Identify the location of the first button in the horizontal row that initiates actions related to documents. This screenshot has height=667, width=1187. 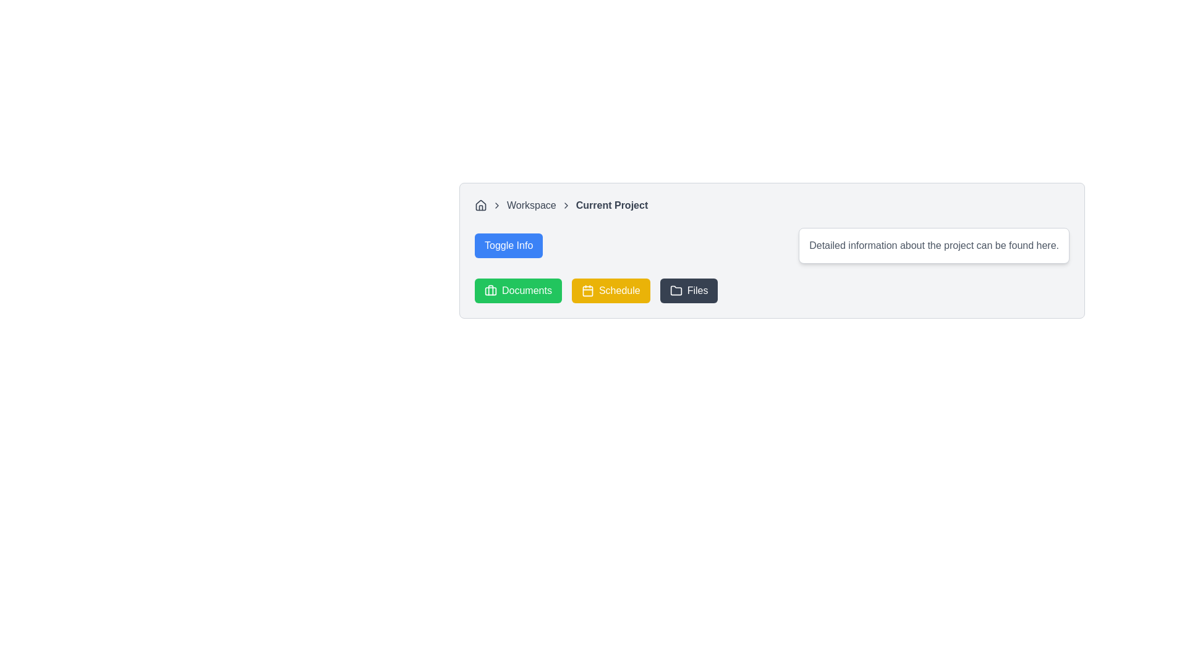
(518, 290).